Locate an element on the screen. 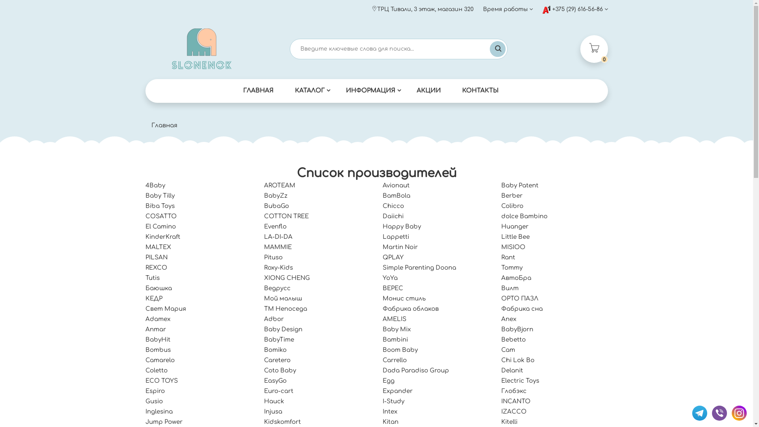  'Gusio' is located at coordinates (145, 401).